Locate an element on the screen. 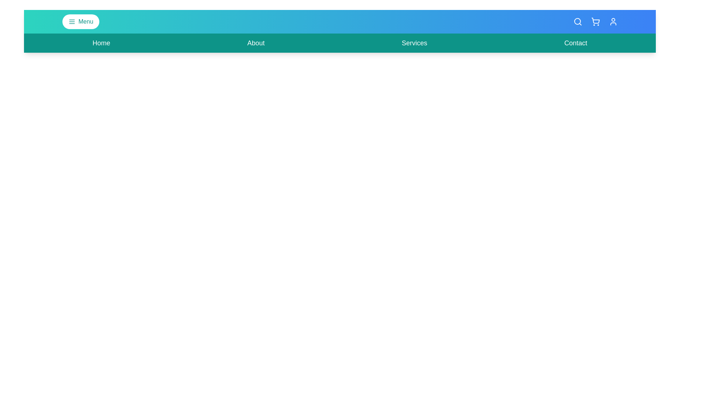  the 'Search' icon to activate the search functionality is located at coordinates (577, 21).